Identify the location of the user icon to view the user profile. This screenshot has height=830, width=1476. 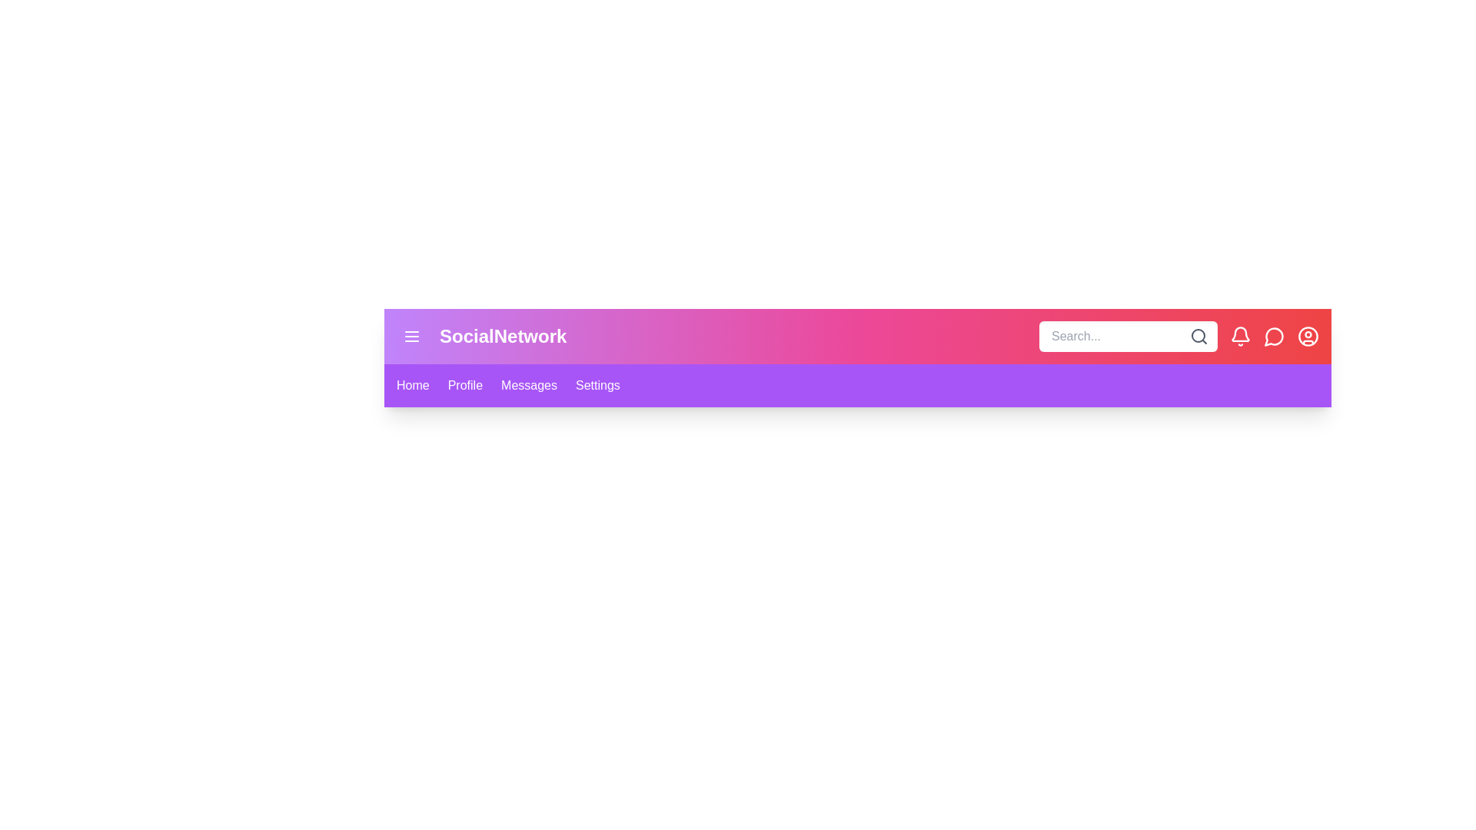
(1308, 336).